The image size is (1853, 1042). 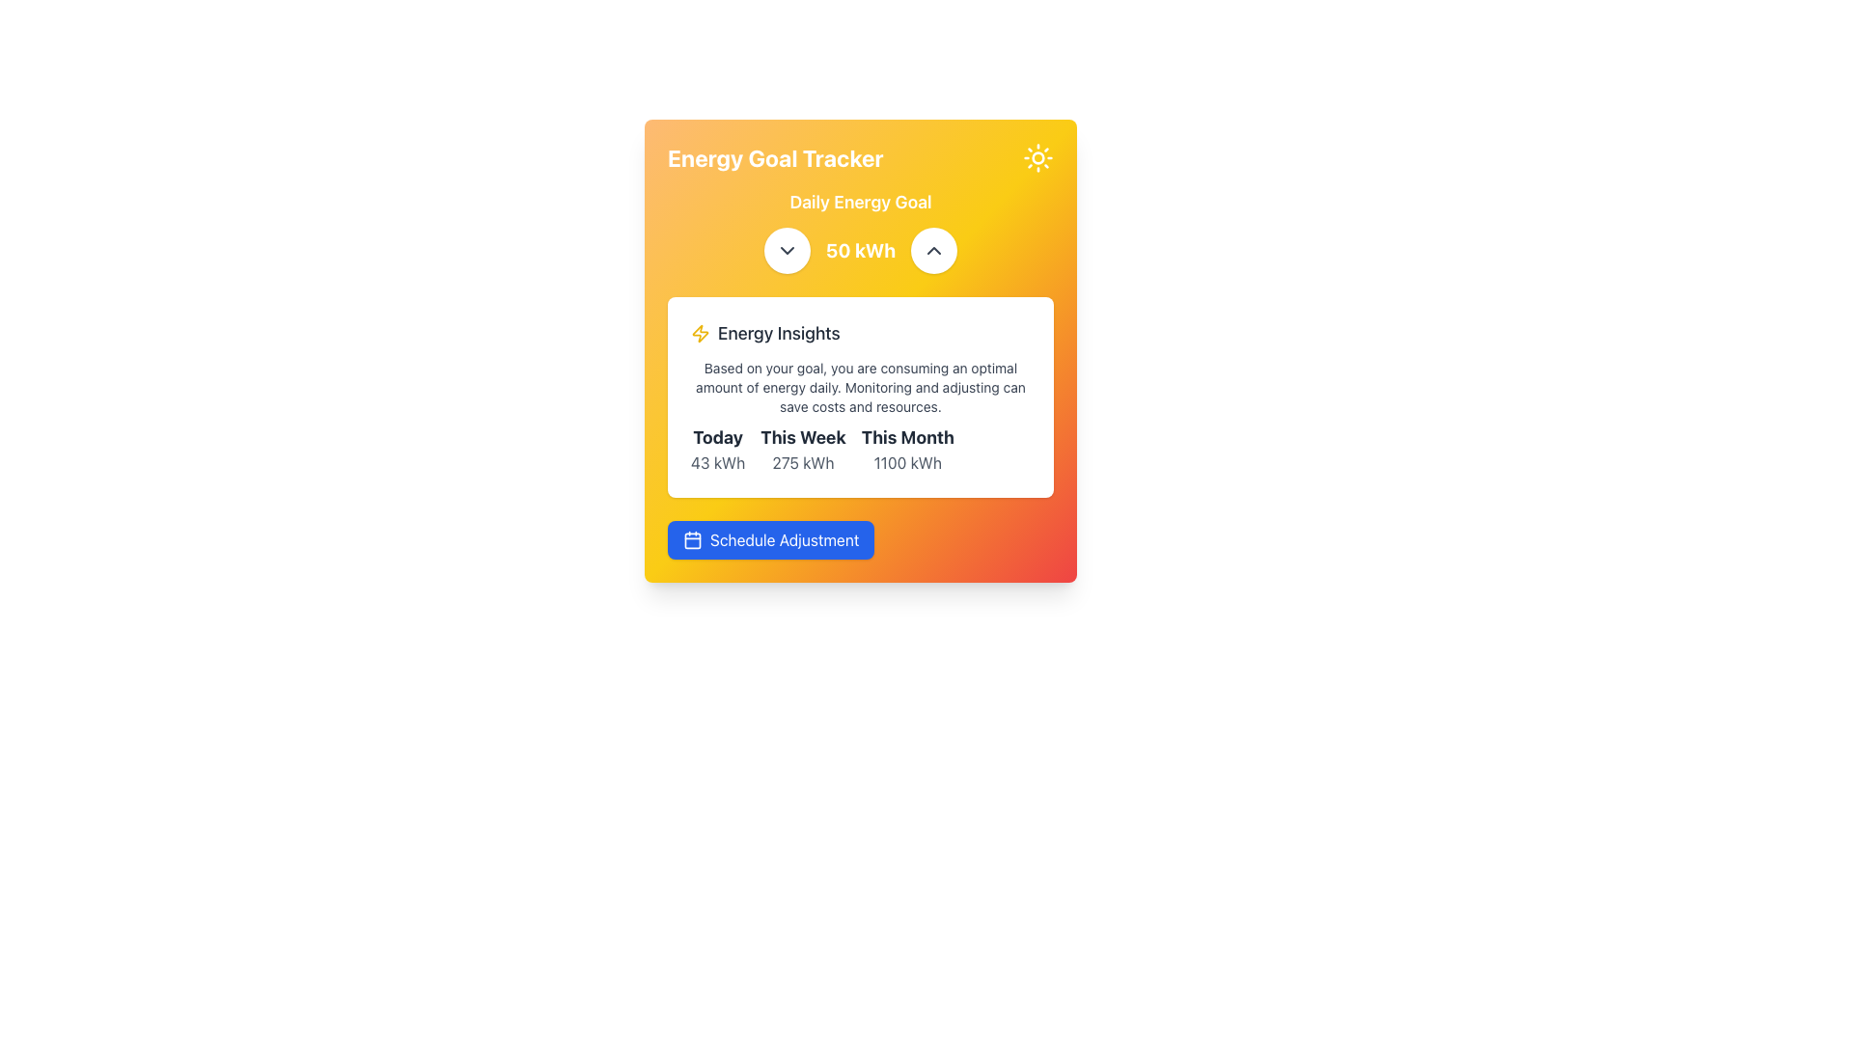 I want to click on the Text label displaying '1100 kWh', which is located below the label 'This Month' in the 'Energy Insights' summary section, so click(x=906, y=462).